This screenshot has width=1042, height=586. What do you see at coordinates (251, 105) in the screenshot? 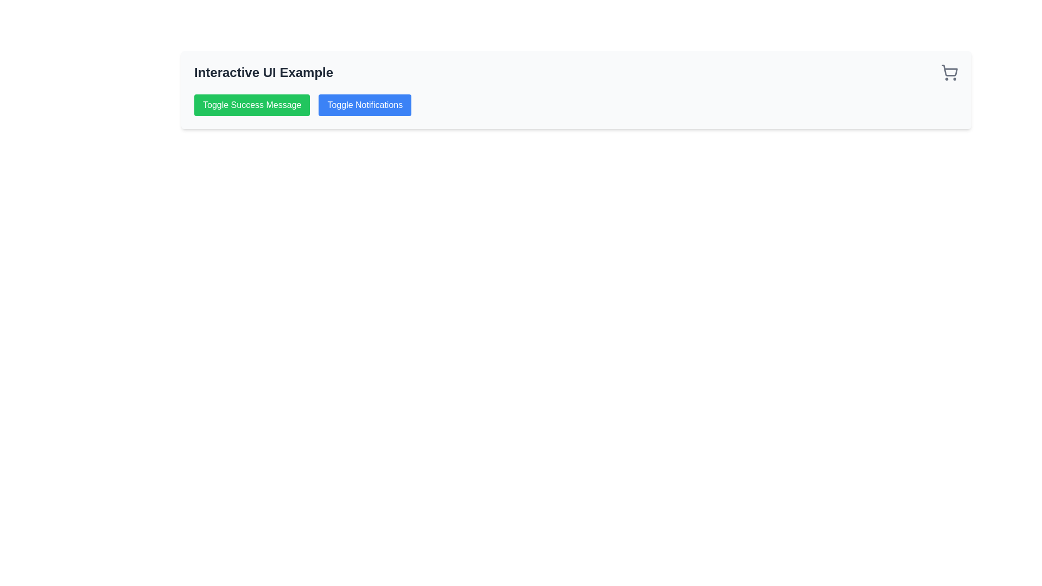
I see `the green button labeled 'Toggle Success Message'` at bounding box center [251, 105].